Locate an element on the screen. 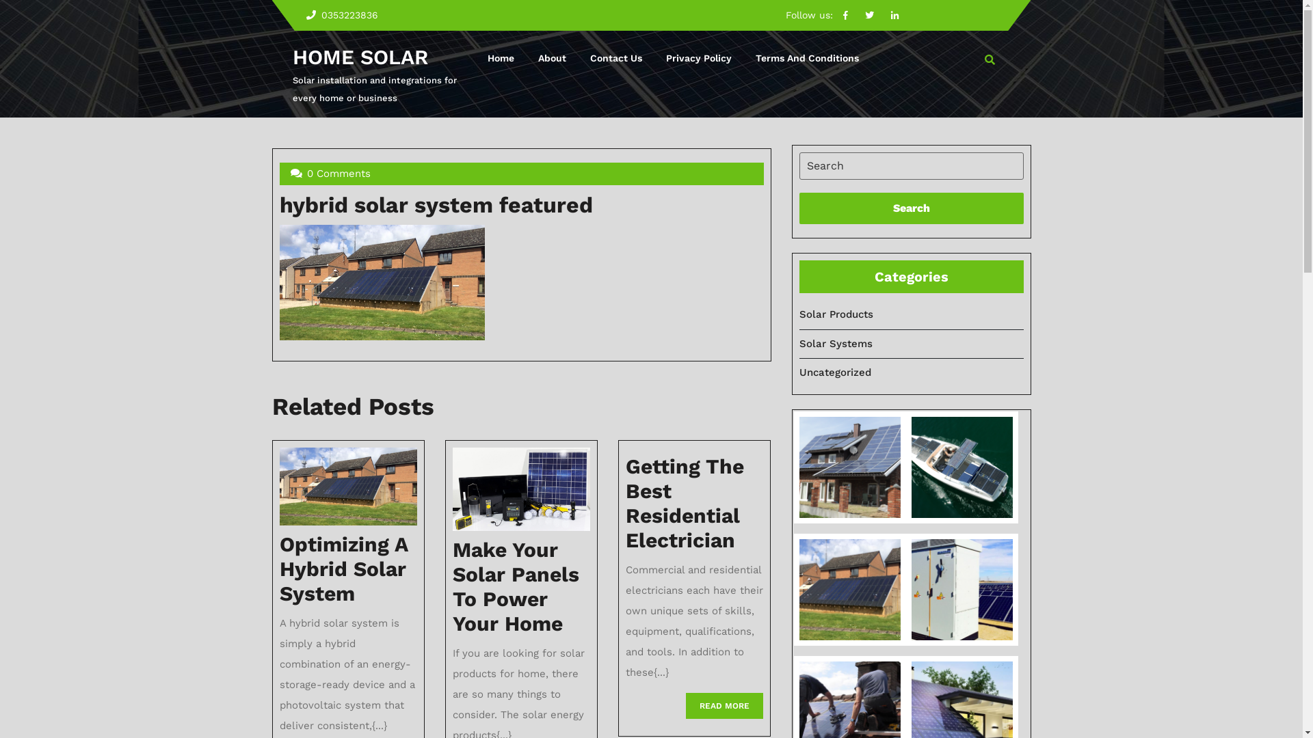 This screenshot has width=1313, height=738. 'About' is located at coordinates (552, 57).